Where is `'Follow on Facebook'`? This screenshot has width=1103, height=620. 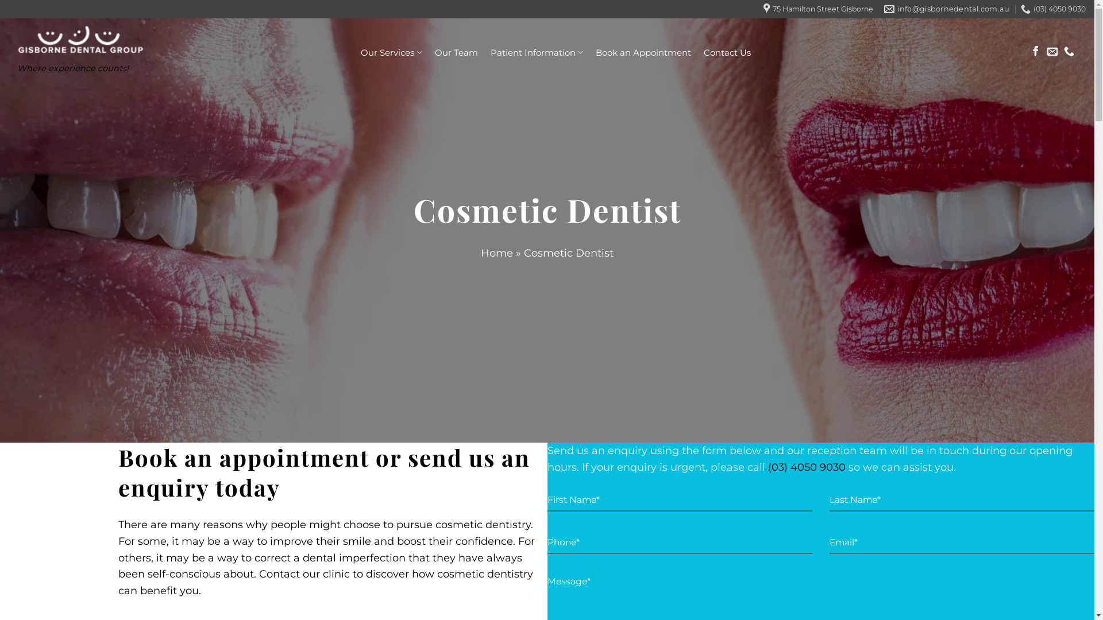 'Follow on Facebook' is located at coordinates (1036, 52).